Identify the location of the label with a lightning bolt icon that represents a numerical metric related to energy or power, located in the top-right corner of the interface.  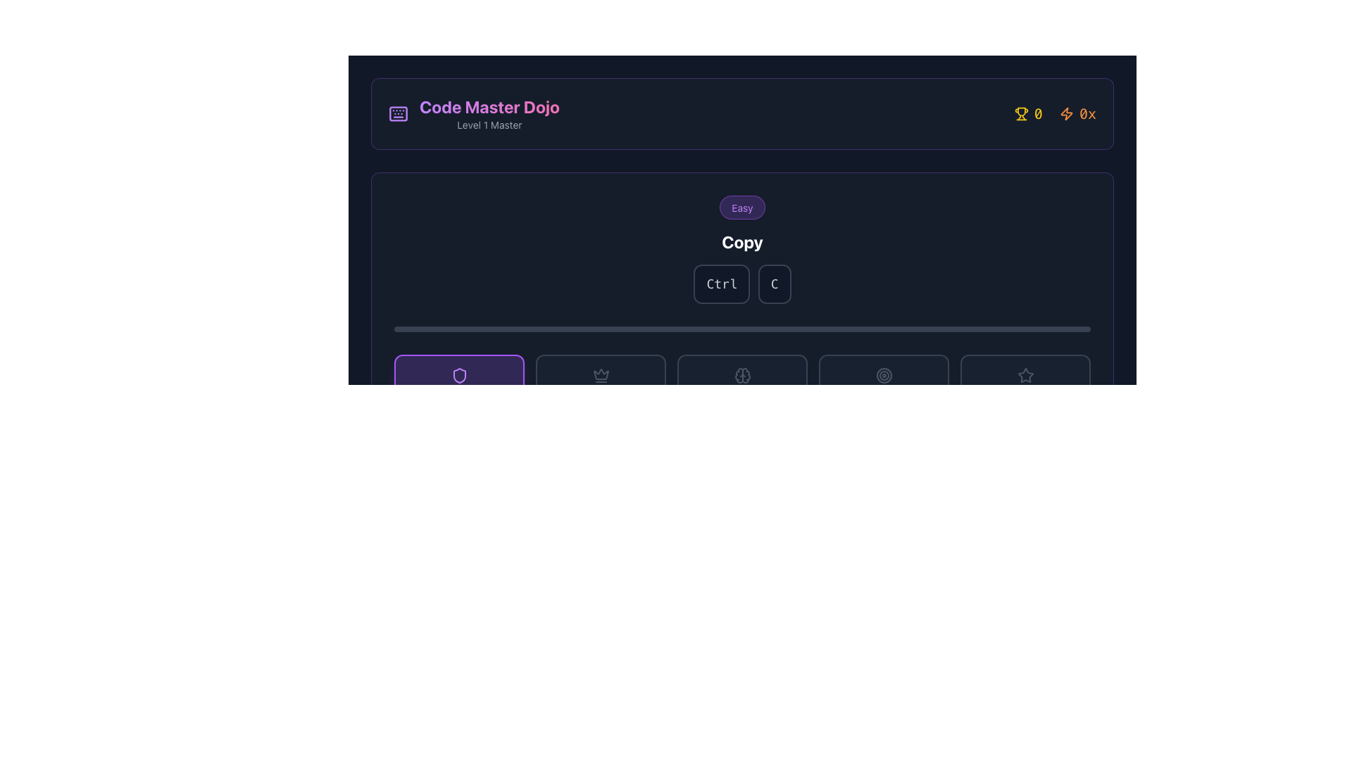
(1077, 113).